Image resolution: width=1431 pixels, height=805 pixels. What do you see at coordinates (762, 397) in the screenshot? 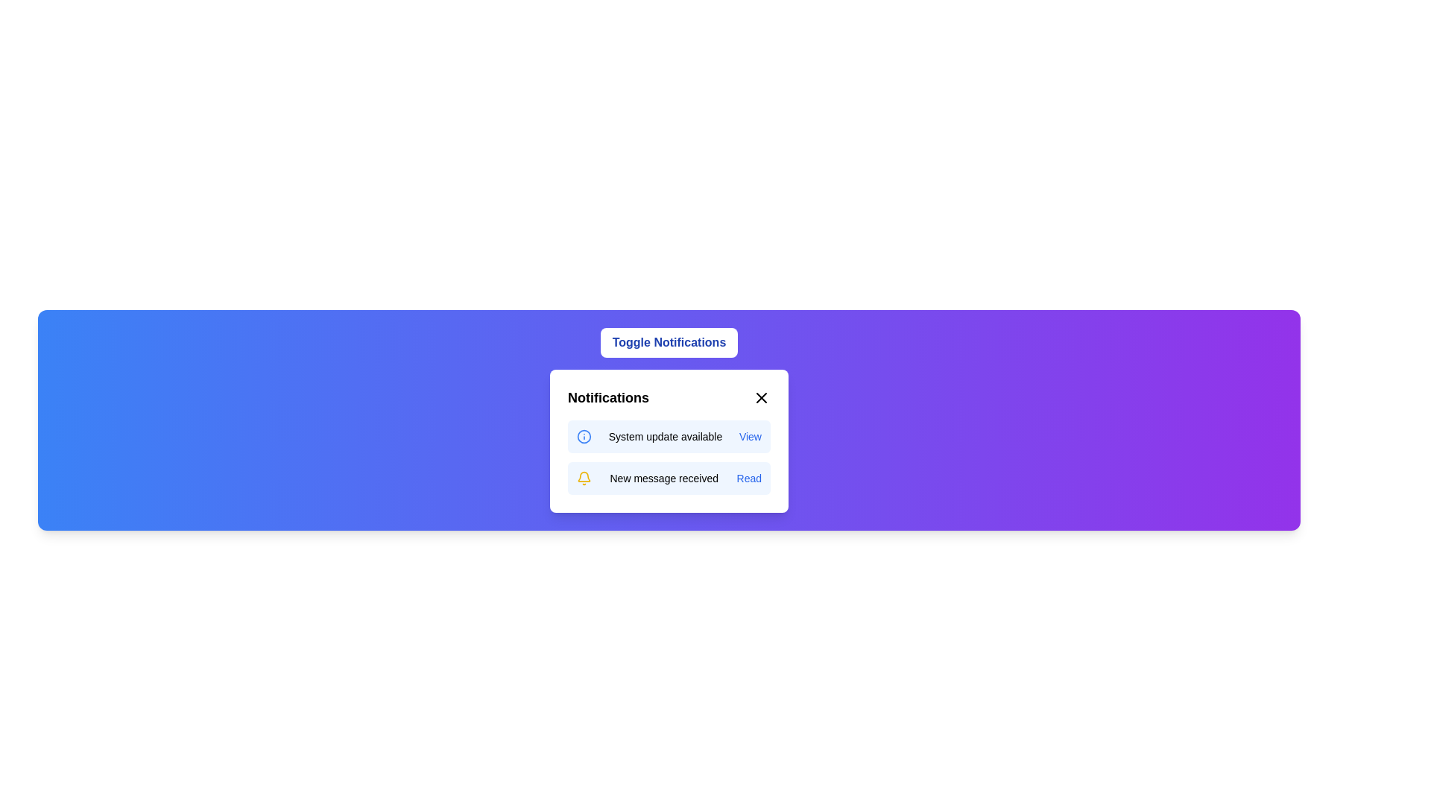
I see `the graphical close icon located in the top-right corner of the notification card` at bounding box center [762, 397].